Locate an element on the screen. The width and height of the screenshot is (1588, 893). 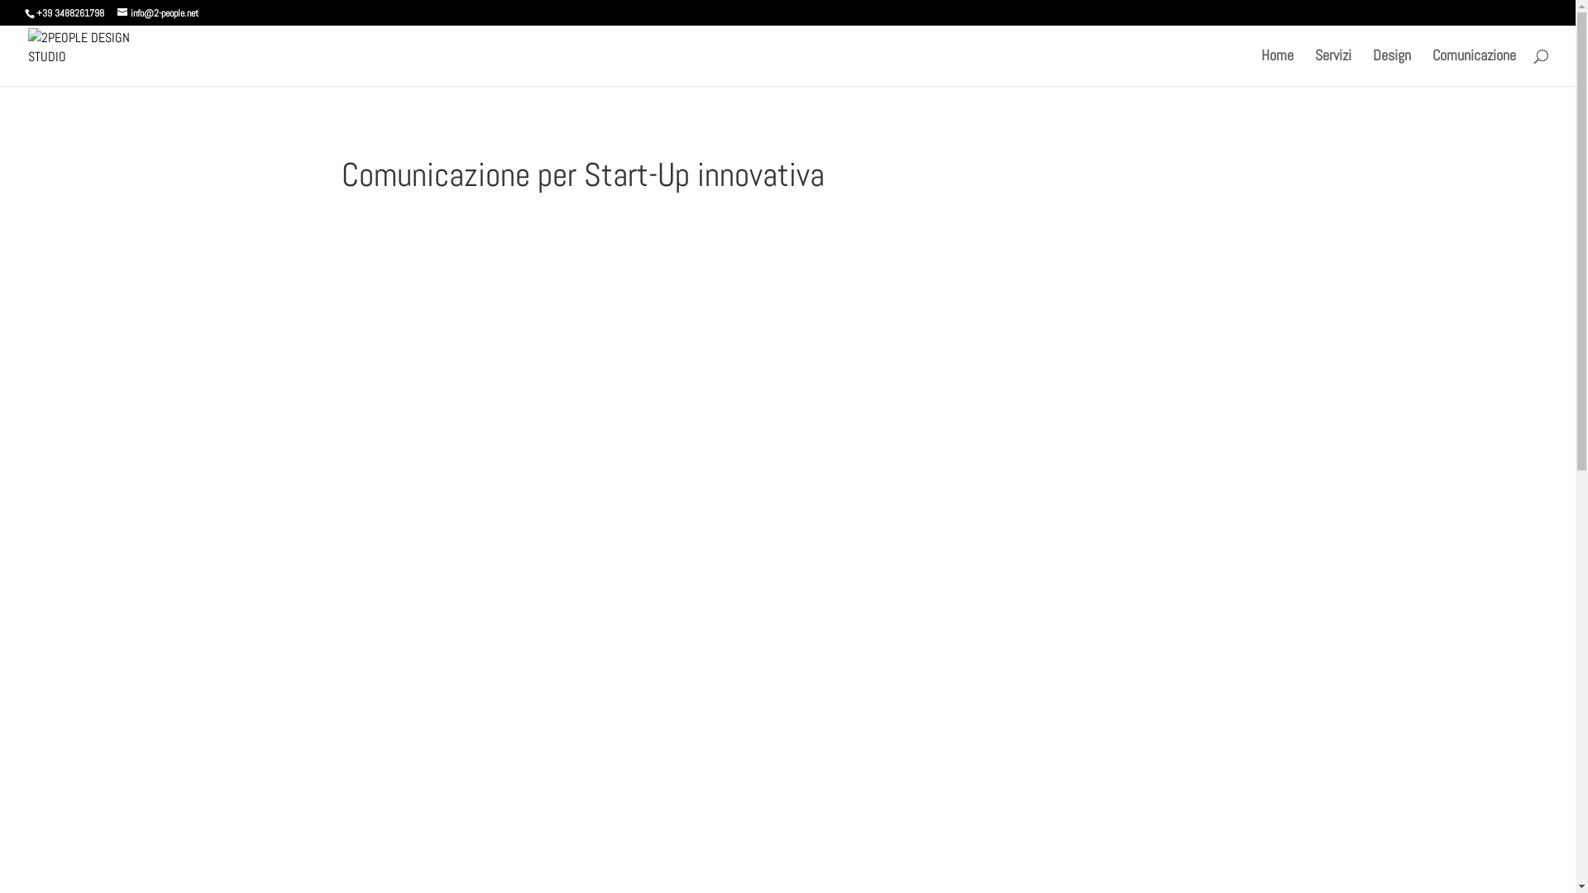
'info@2-people.net' is located at coordinates (158, 12).